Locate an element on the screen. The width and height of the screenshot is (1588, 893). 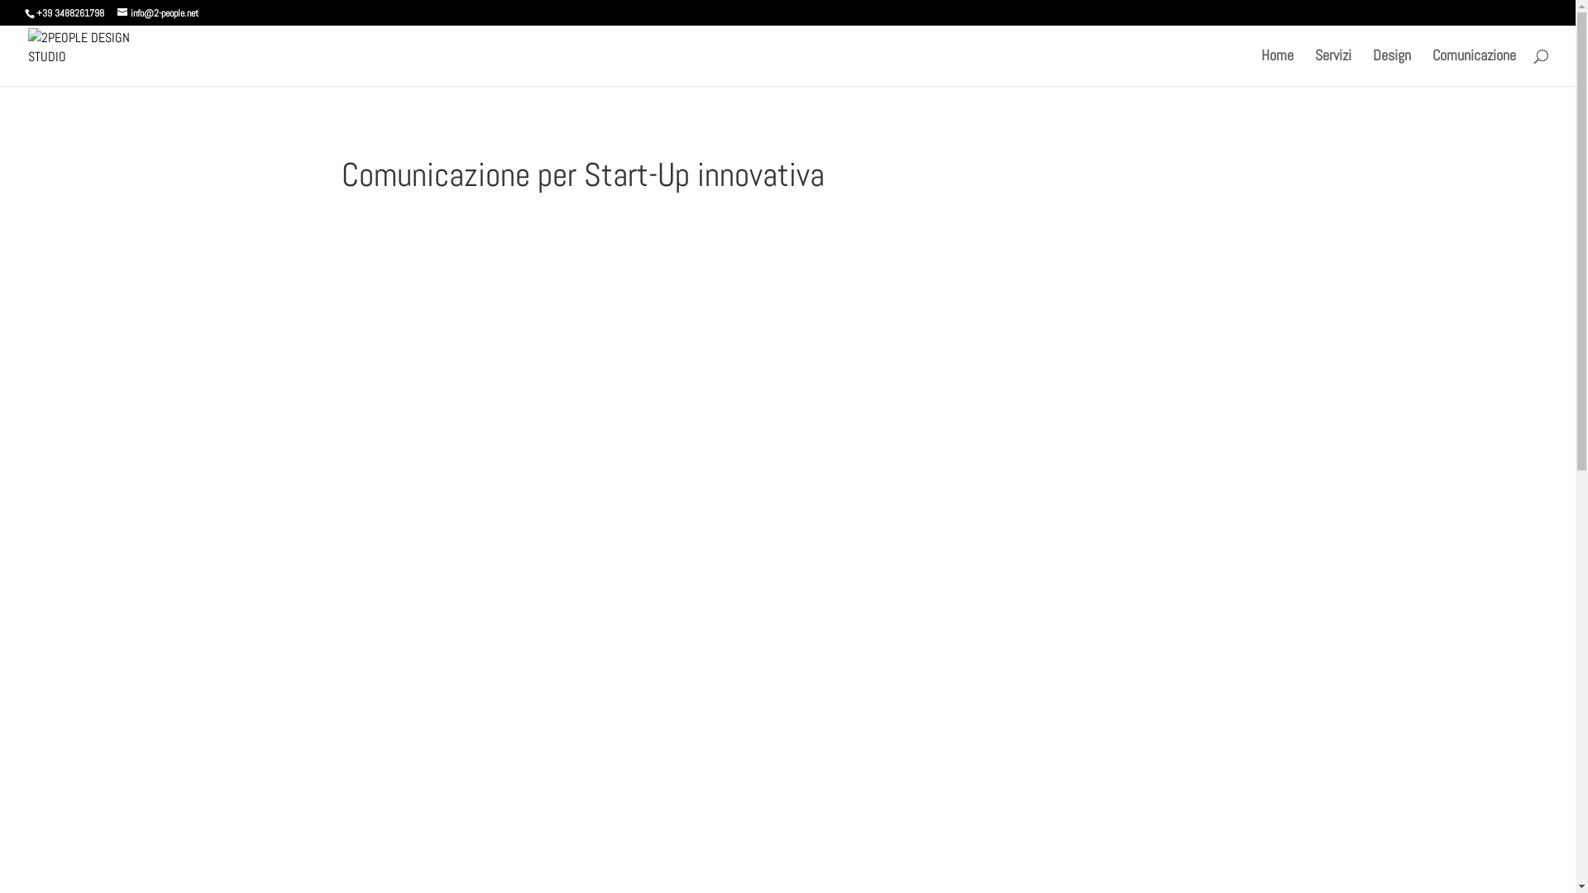
'info@2-people.net' is located at coordinates (158, 12).